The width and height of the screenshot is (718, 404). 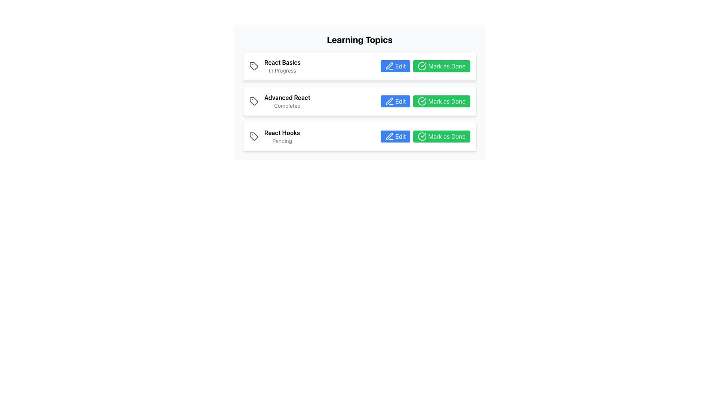 I want to click on the 'Mark as Done' button in the bottommost list item of the 'Learning Topics' section, so click(x=359, y=137).